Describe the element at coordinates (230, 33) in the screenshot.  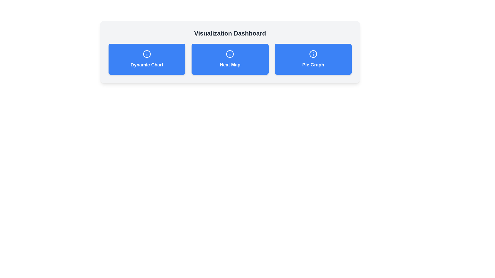
I see `the large, bold text label reading 'Visualization Dashboard' that is centered above the three blue buttons` at that location.